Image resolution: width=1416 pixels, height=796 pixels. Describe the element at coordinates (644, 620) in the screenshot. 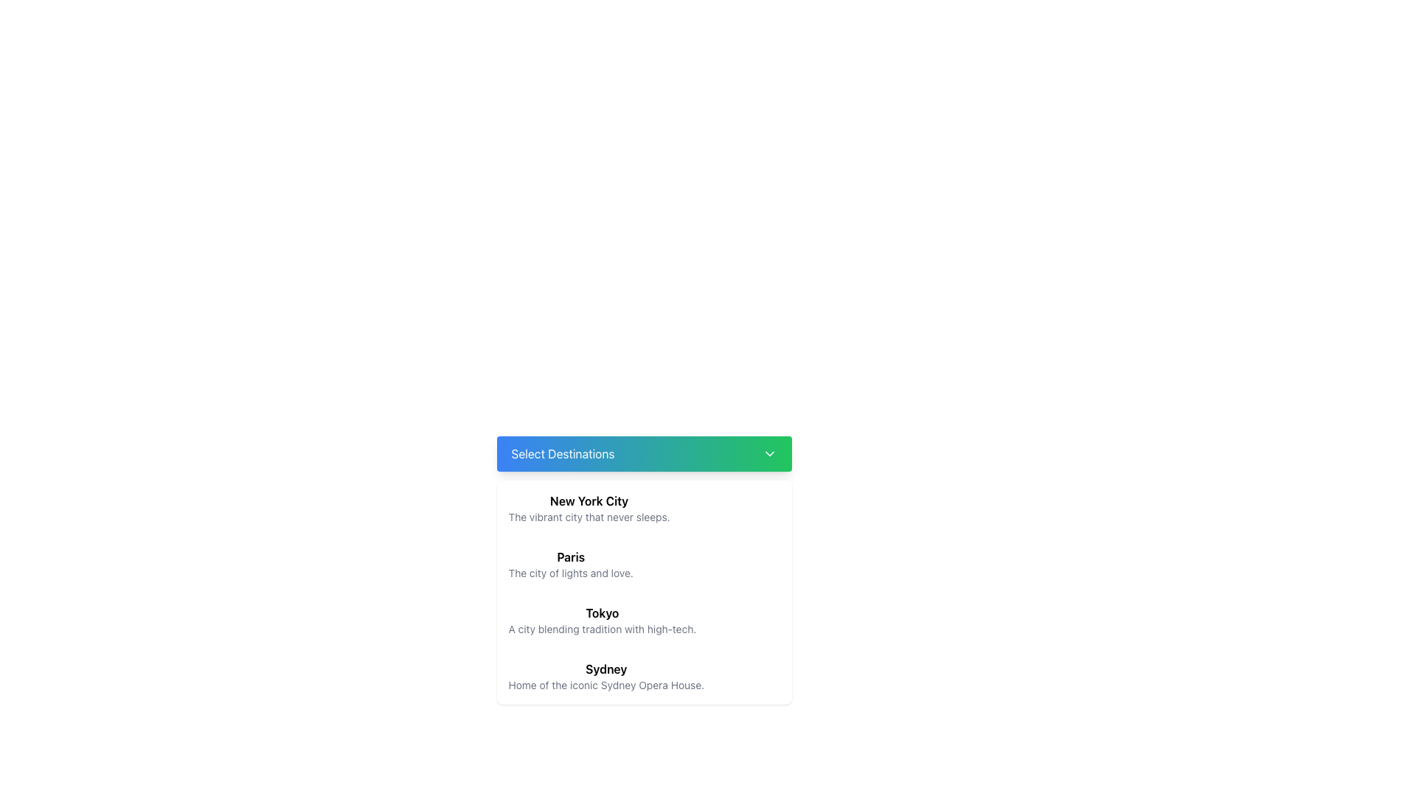

I see `the List Item element labeled 'Tokyo', which features a bold heading and a description about the city` at that location.